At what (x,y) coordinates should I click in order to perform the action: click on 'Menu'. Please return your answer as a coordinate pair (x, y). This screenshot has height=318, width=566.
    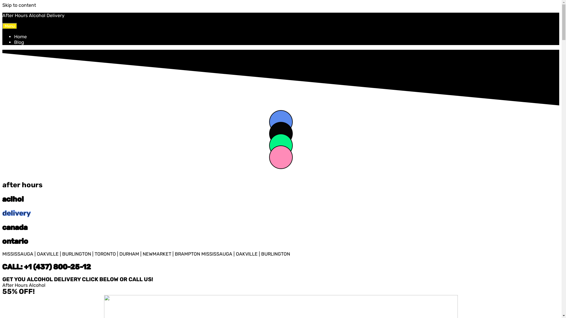
    Looking at the image, I should click on (10, 26).